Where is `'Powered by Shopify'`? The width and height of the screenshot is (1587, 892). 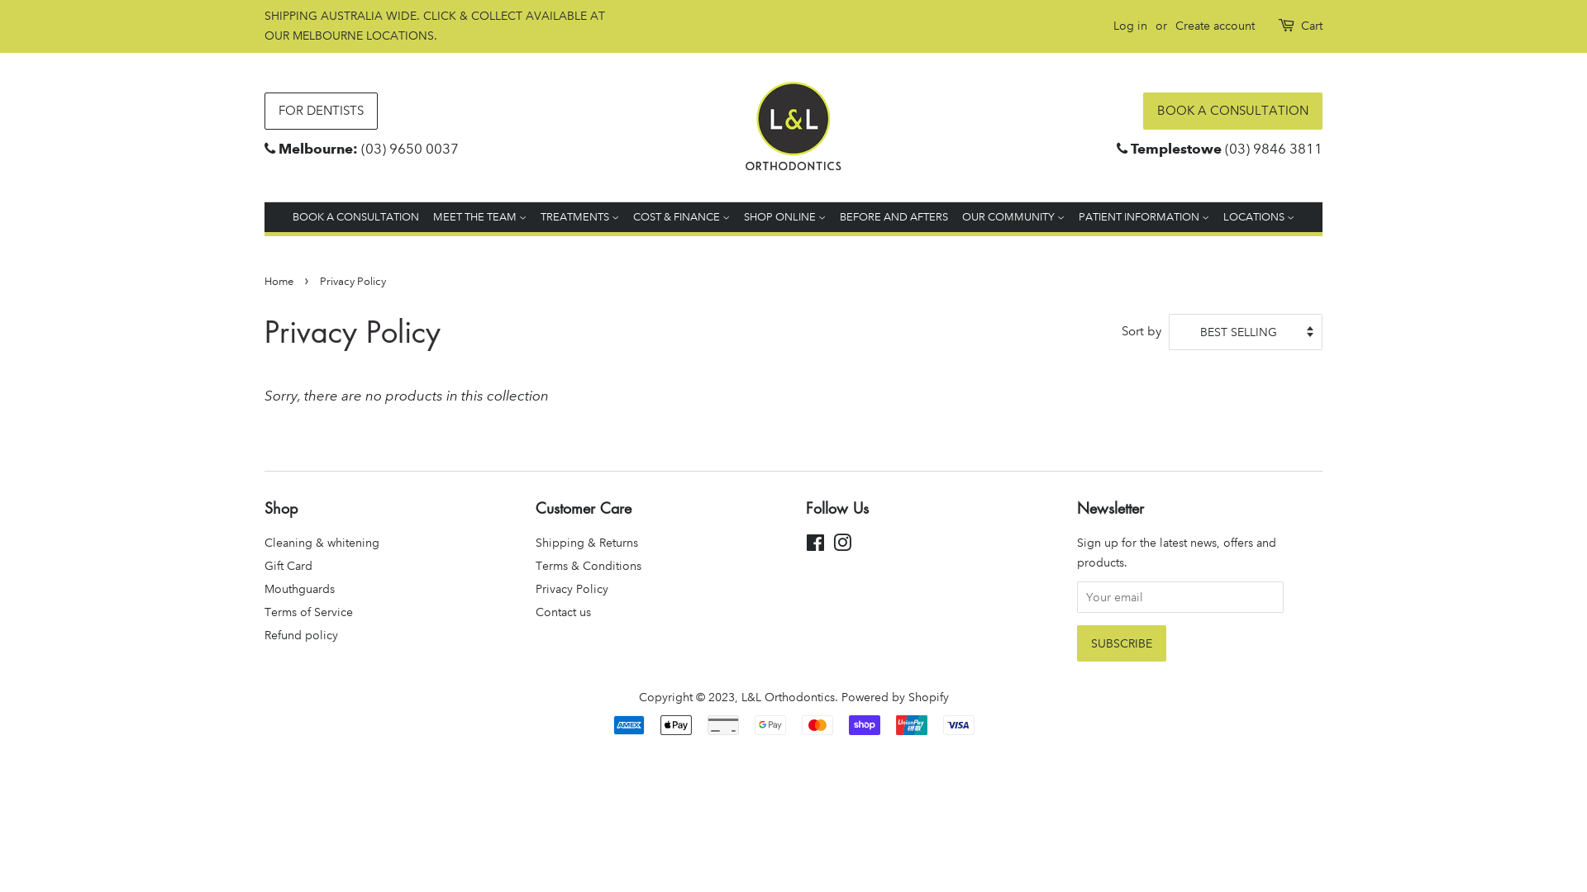 'Powered by Shopify' is located at coordinates (894, 697).